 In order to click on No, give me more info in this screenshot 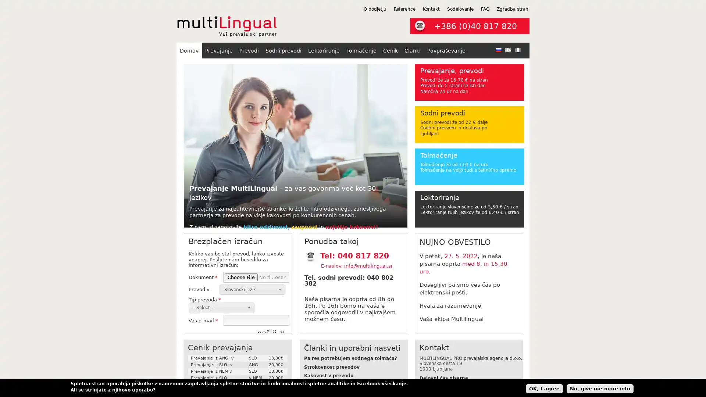, I will do `click(600, 388)`.